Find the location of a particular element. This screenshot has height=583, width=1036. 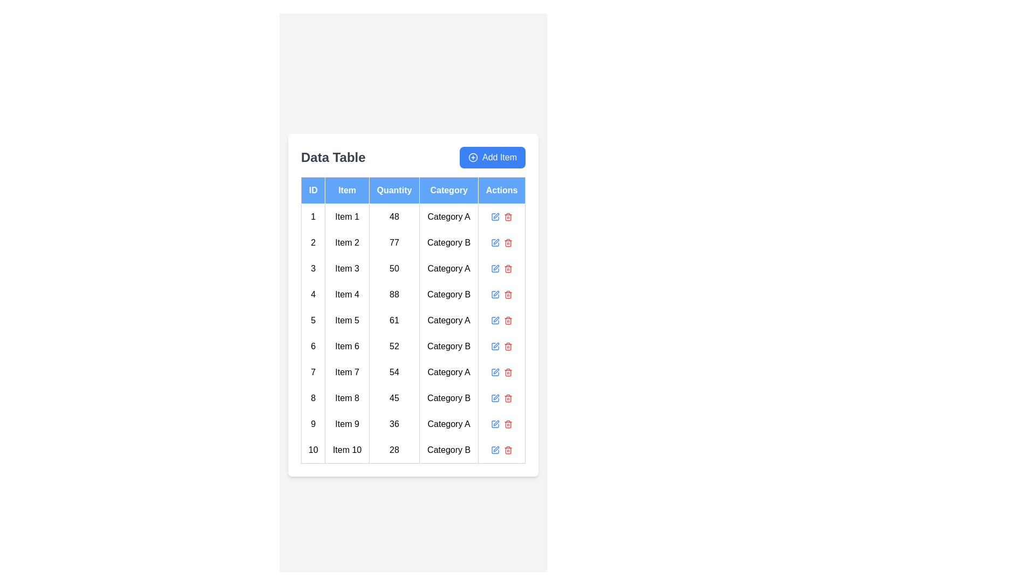

the 'Add Item' button located at the top right corner of the interface is located at coordinates (473, 157).